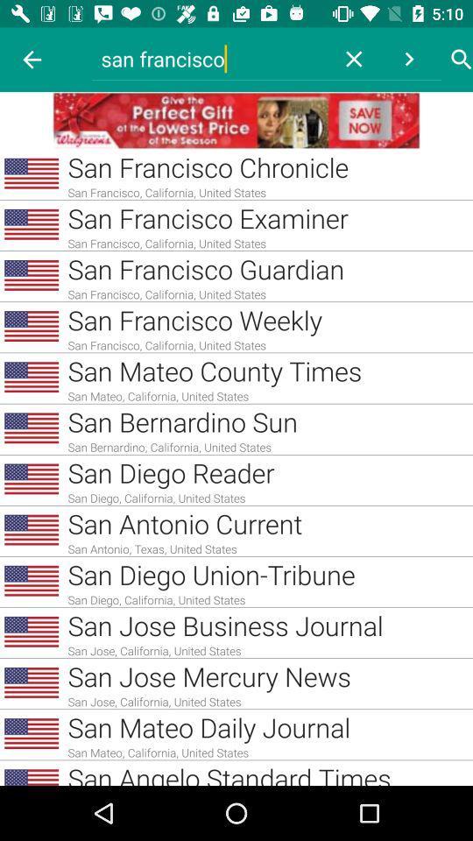  I want to click on search box, so click(462, 60).